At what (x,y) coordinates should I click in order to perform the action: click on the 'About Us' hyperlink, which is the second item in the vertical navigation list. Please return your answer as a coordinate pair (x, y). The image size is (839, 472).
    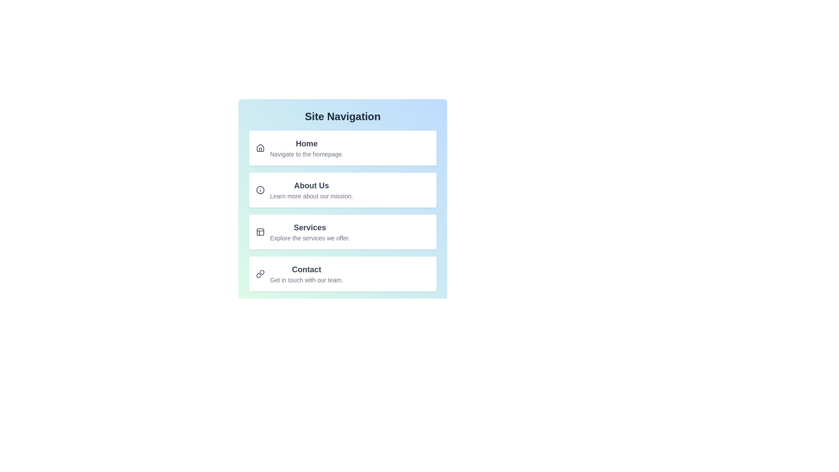
    Looking at the image, I should click on (342, 193).